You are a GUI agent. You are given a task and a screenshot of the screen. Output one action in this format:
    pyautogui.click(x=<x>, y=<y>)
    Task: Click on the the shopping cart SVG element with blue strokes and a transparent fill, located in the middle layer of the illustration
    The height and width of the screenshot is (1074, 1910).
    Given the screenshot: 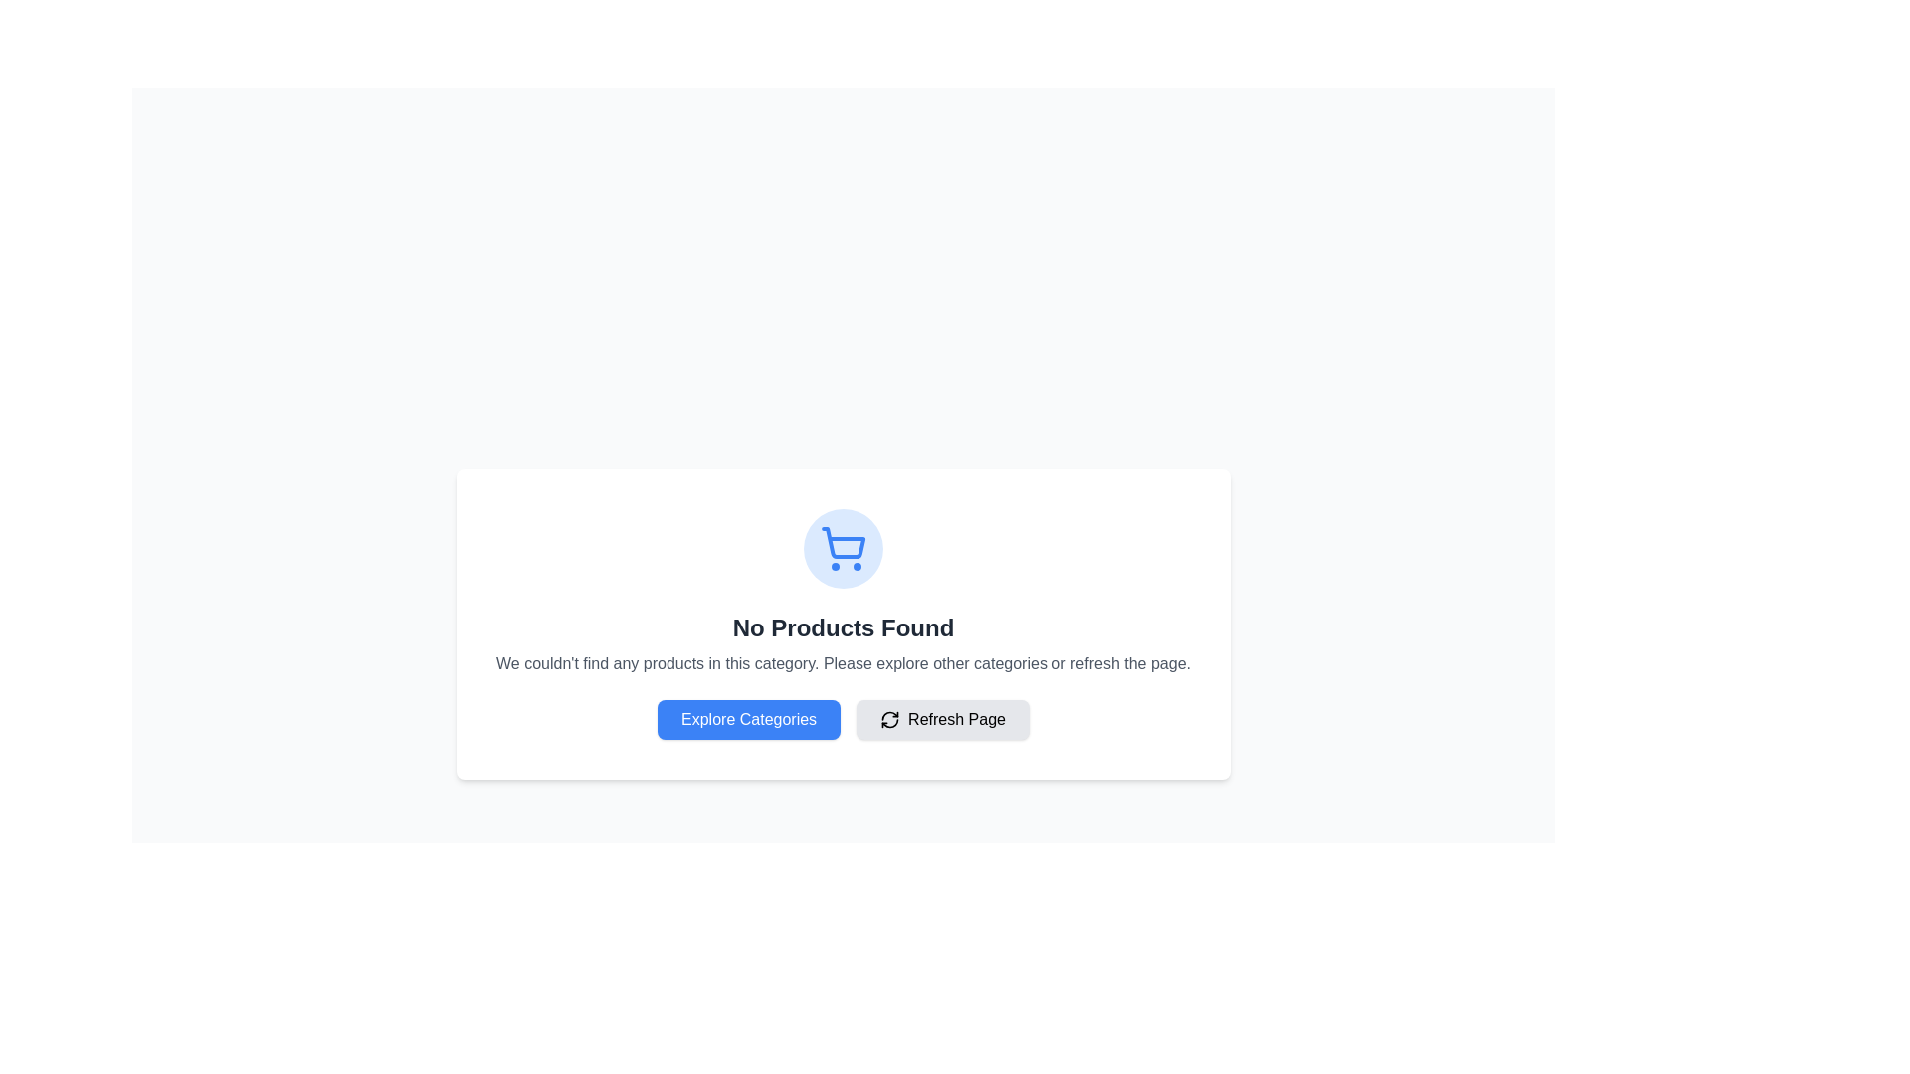 What is the action you would take?
    pyautogui.click(x=844, y=543)
    